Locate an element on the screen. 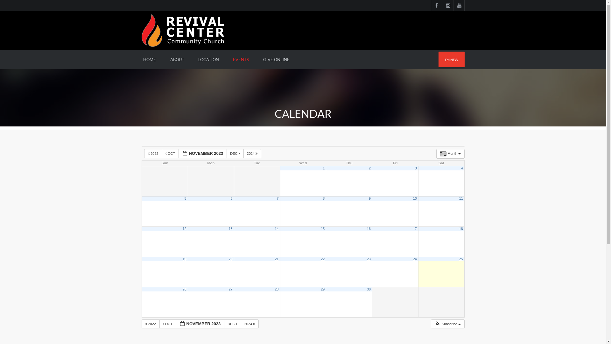 Image resolution: width=611 pixels, height=344 pixels. '20' is located at coordinates (229, 259).